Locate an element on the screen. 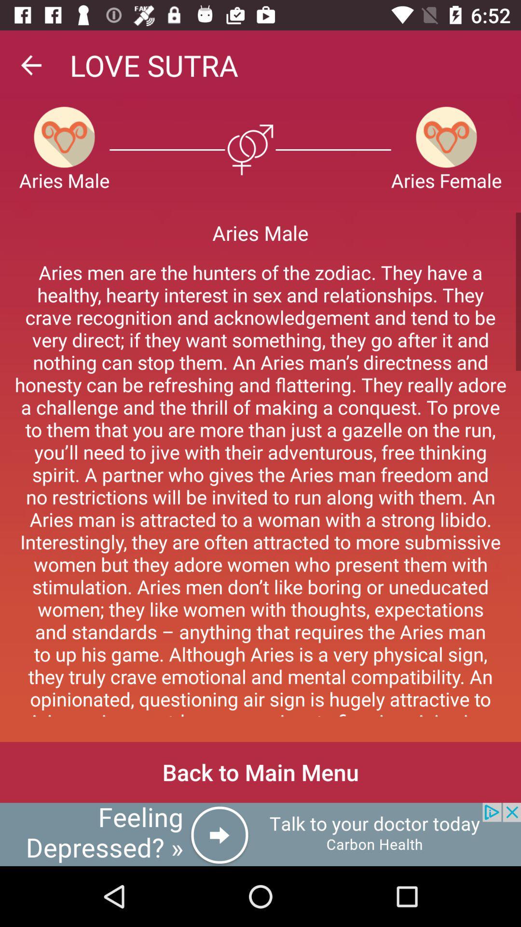 Image resolution: width=521 pixels, height=927 pixels. back arrow is located at coordinates (30, 65).